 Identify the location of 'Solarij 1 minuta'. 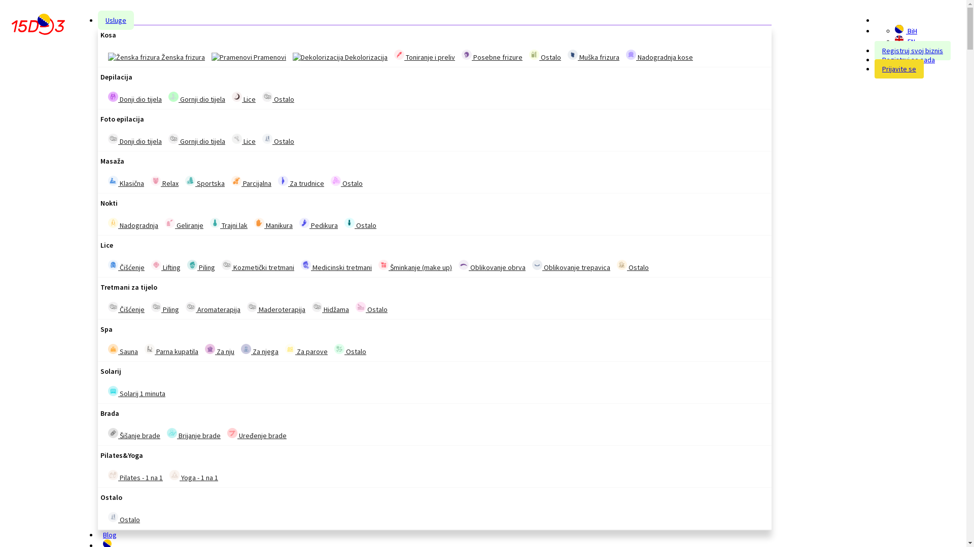
(136, 392).